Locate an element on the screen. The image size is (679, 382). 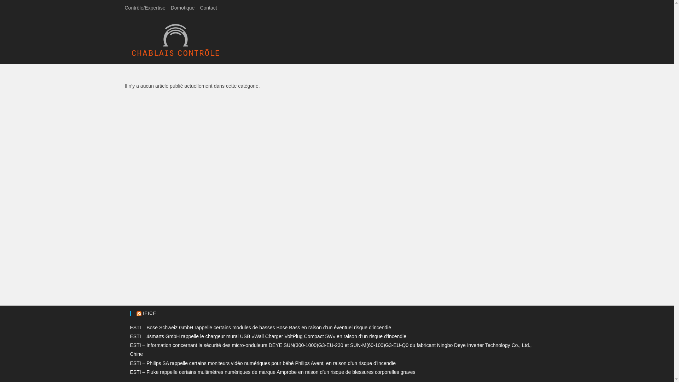
'Contact' is located at coordinates (208, 8).